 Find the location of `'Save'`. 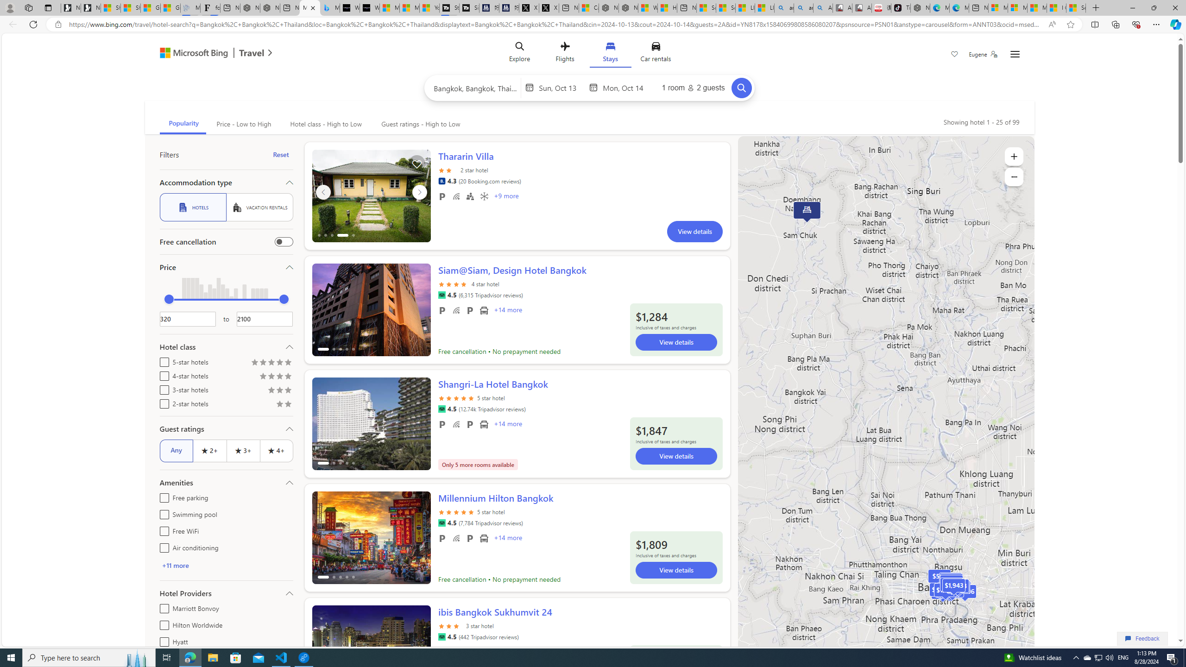

'Save' is located at coordinates (954, 55).